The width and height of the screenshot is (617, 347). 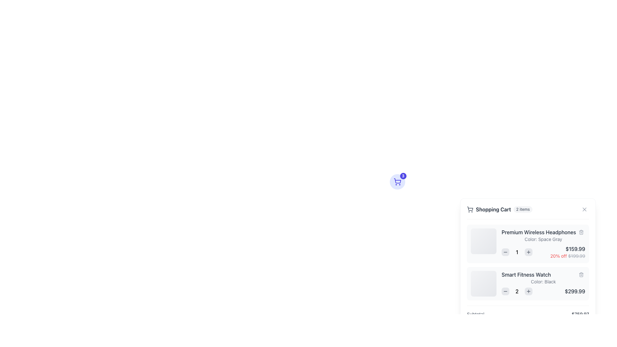 I want to click on the price display for the 'Smart Fitness Watch' in the shopping cart, so click(x=543, y=291).